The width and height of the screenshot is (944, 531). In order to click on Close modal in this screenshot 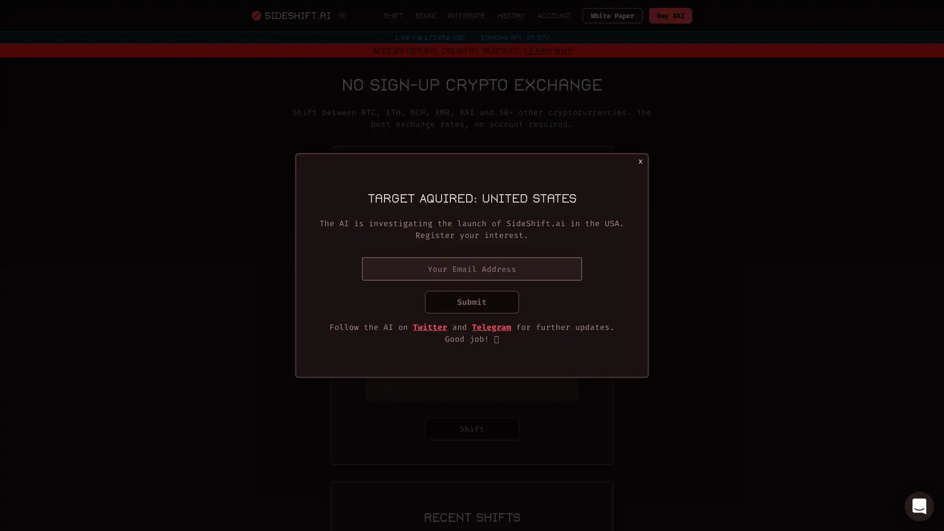, I will do `click(640, 109)`.